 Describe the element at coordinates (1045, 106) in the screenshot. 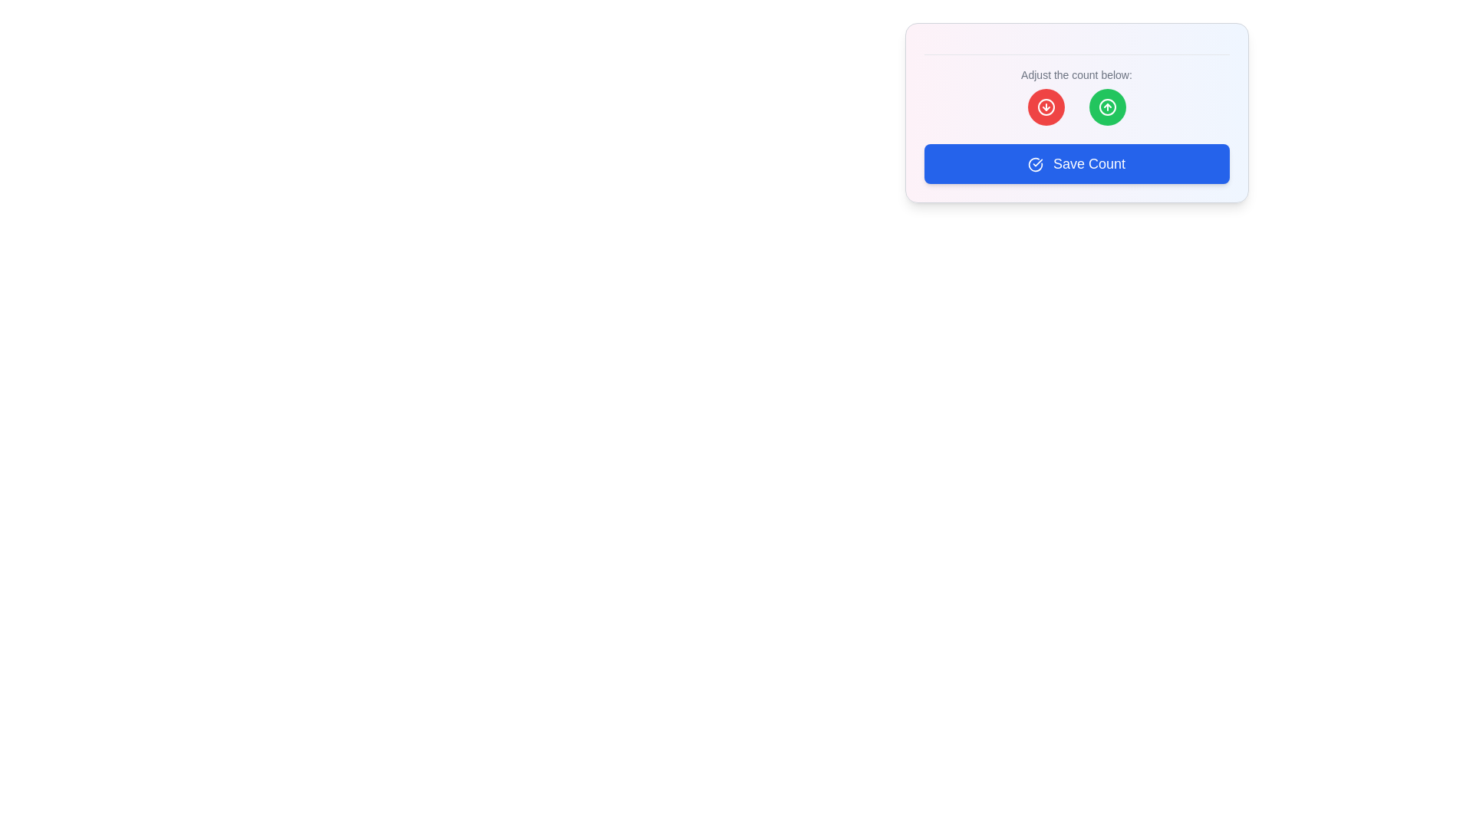

I see `the circular icon with a 10-unit radius that is part of a down-arrow design, located near the top center-left of the interface box` at that location.